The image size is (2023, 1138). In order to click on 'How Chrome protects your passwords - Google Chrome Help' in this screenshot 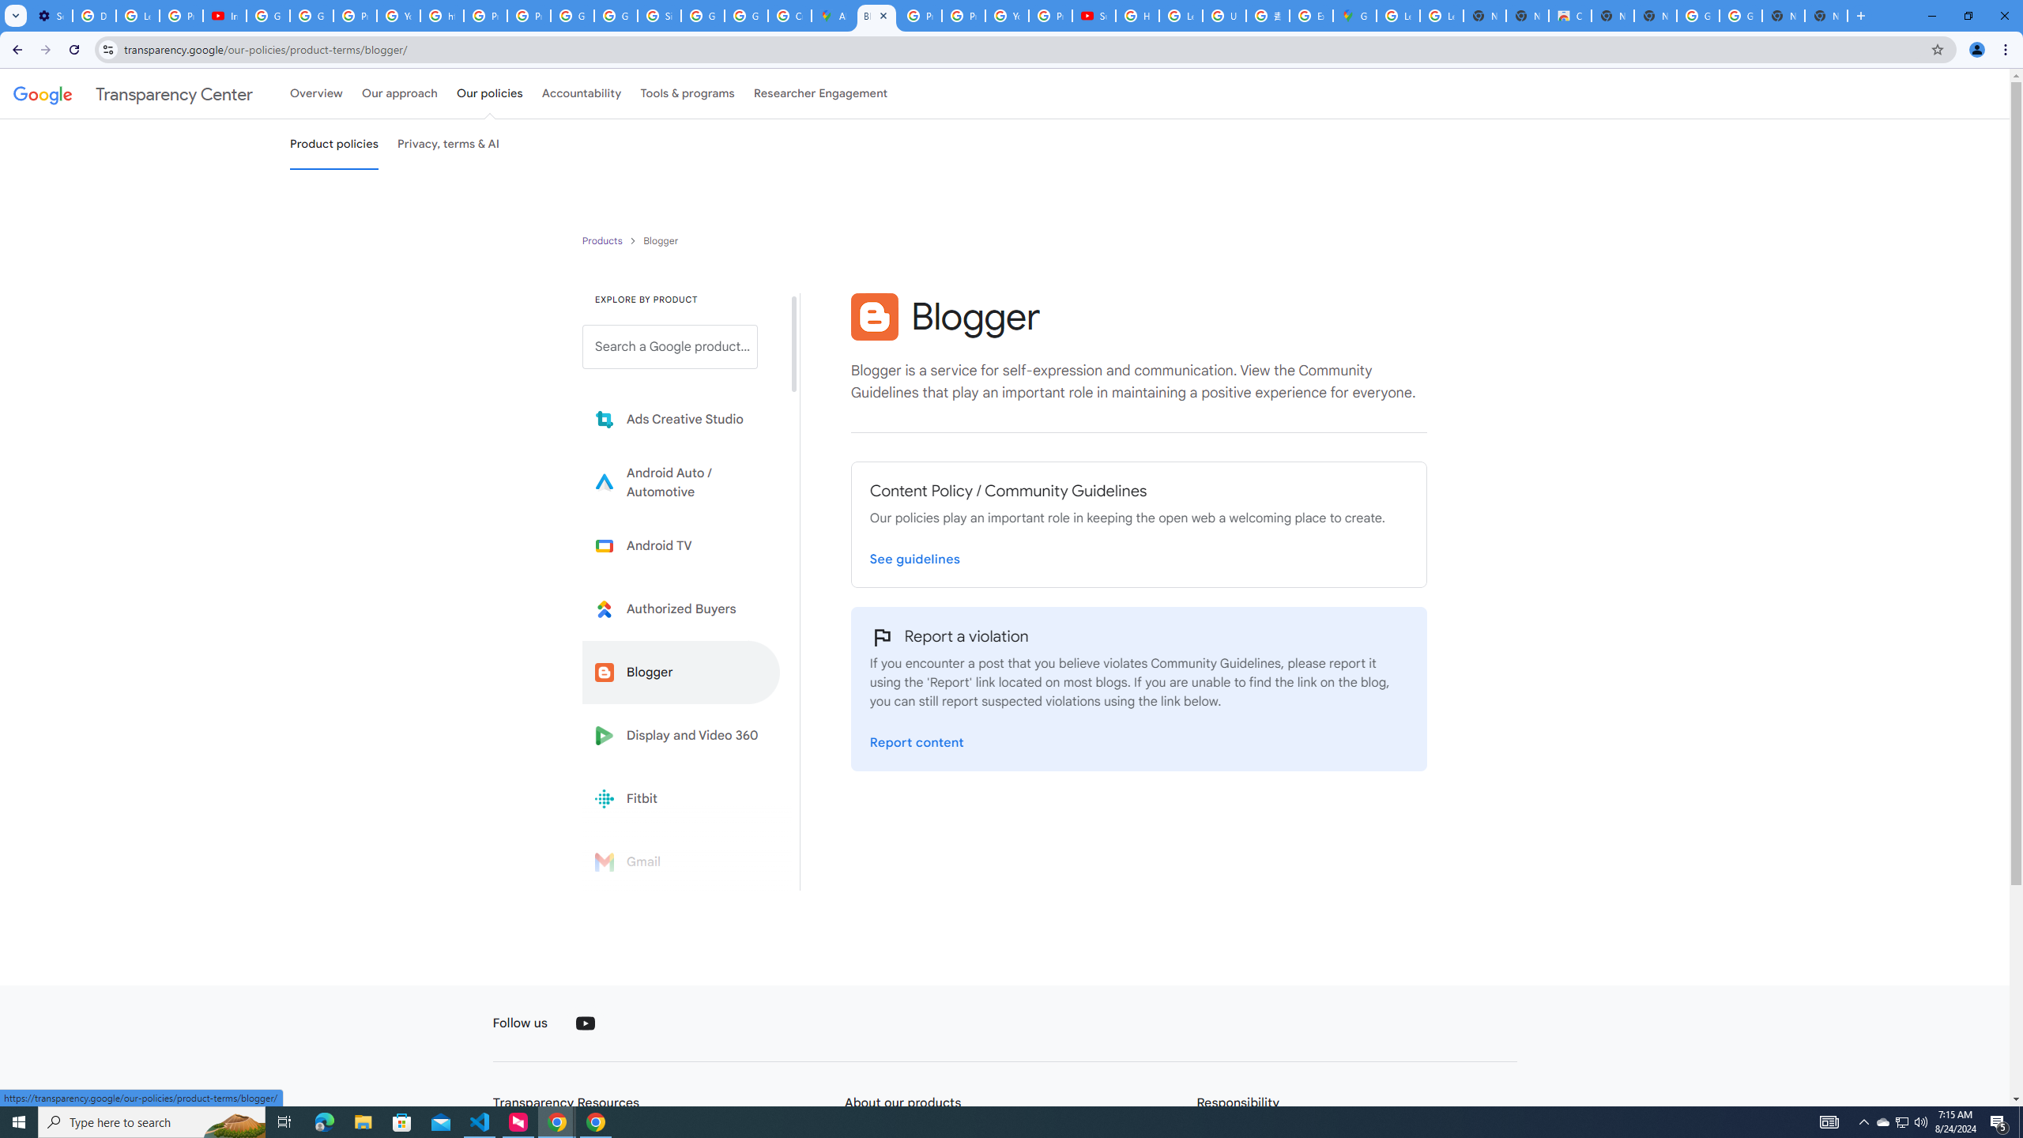, I will do `click(1137, 15)`.